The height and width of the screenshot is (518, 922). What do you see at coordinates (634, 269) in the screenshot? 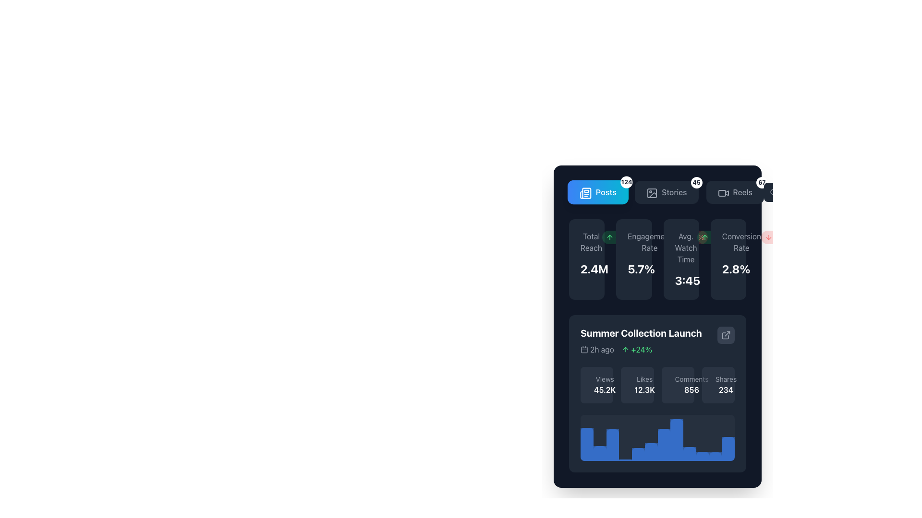
I see `the static text displaying the engagement rate percentage located in the bottom right corner of the user statistics card under the 'Engagement Rate' header` at bounding box center [634, 269].